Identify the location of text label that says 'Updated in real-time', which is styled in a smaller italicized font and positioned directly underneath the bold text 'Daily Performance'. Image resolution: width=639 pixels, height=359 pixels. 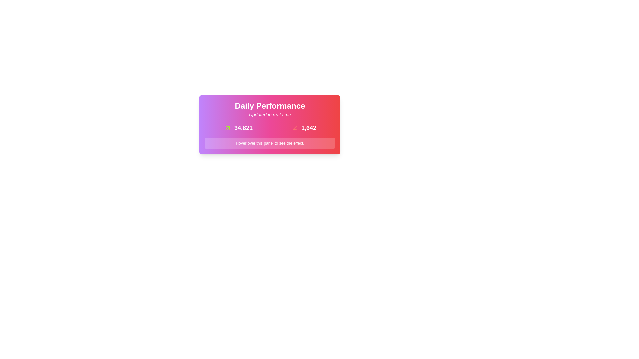
(270, 114).